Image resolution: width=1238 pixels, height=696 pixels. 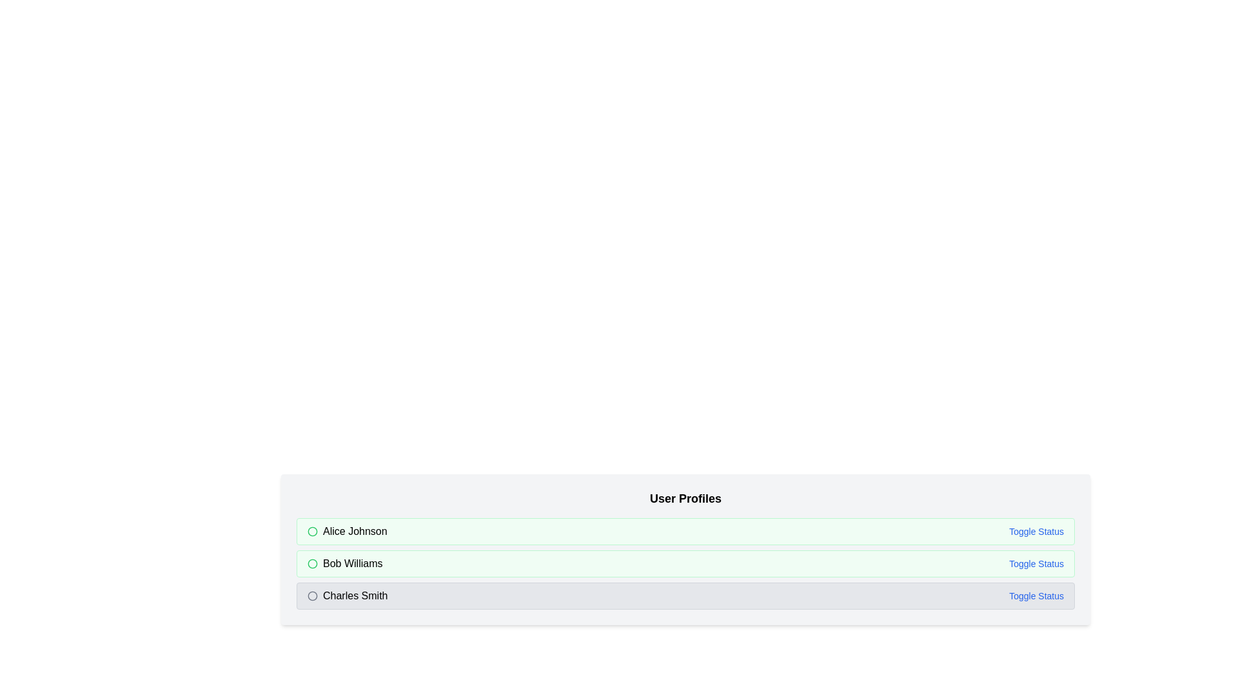 I want to click on the text 'Alice Johnson' with the green circle icon on its left, located in the first list item under the 'User Profiles' section, so click(x=347, y=532).